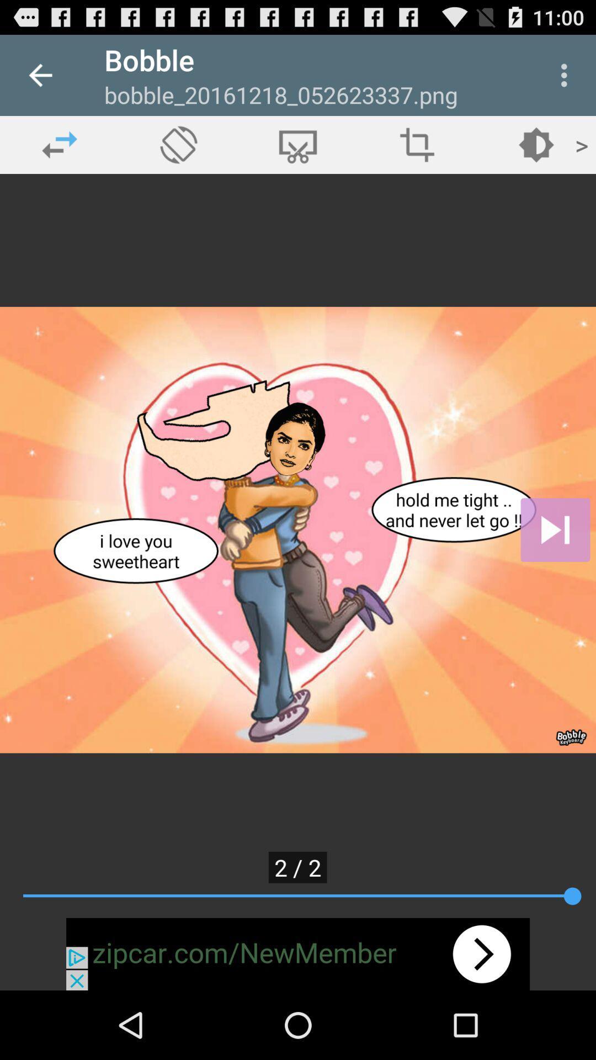 This screenshot has width=596, height=1060. What do you see at coordinates (417, 144) in the screenshot?
I see `an area` at bounding box center [417, 144].